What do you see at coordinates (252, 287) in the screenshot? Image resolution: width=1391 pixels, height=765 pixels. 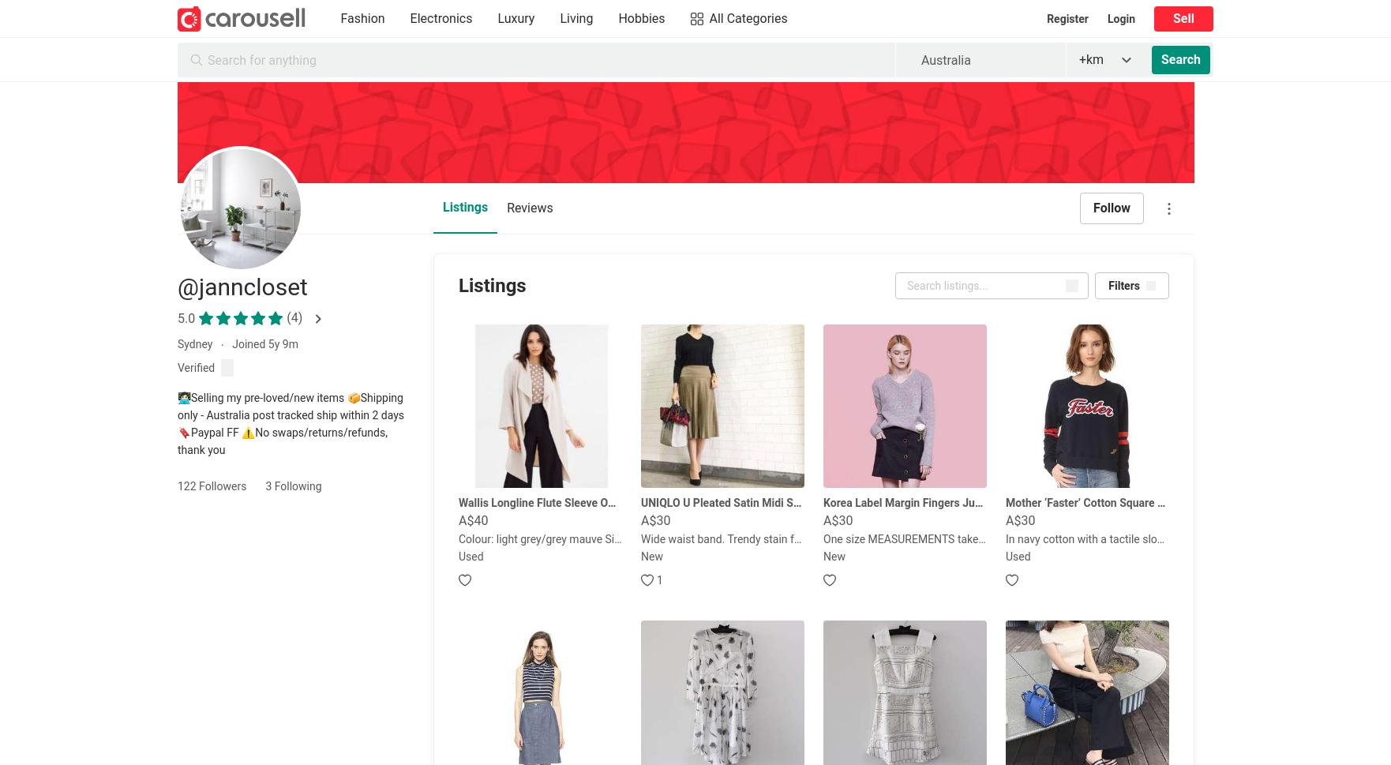 I see `'janncloset'` at bounding box center [252, 287].